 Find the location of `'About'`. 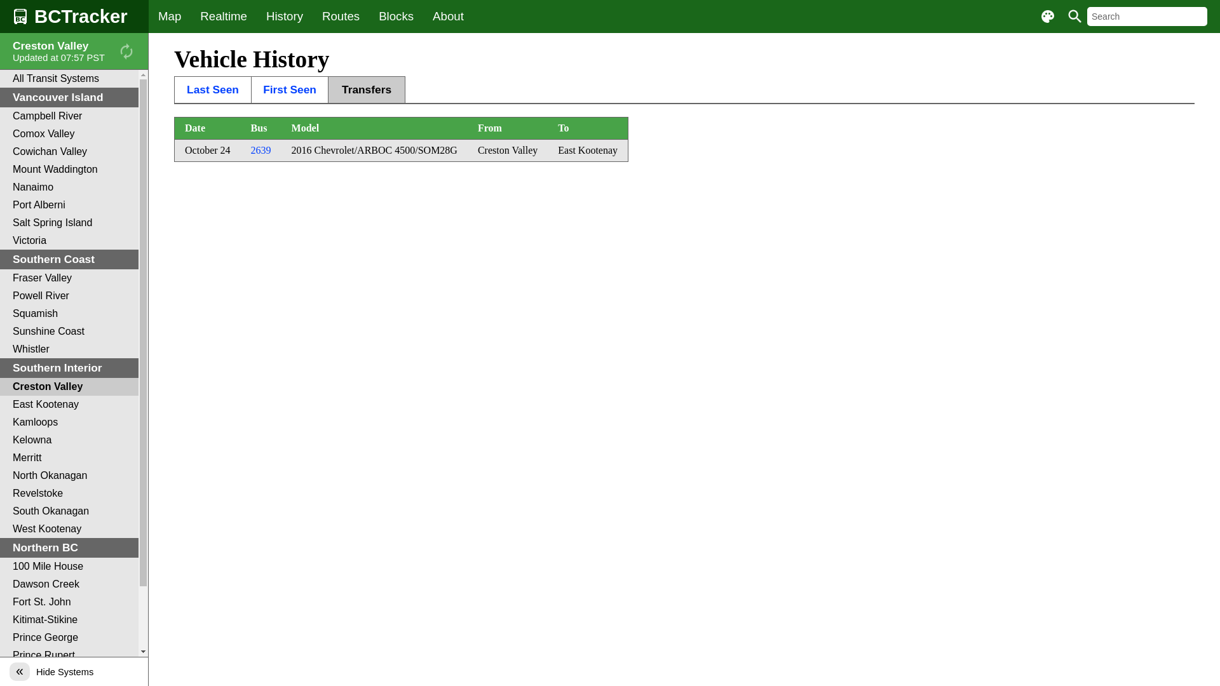

'About' is located at coordinates (448, 17).